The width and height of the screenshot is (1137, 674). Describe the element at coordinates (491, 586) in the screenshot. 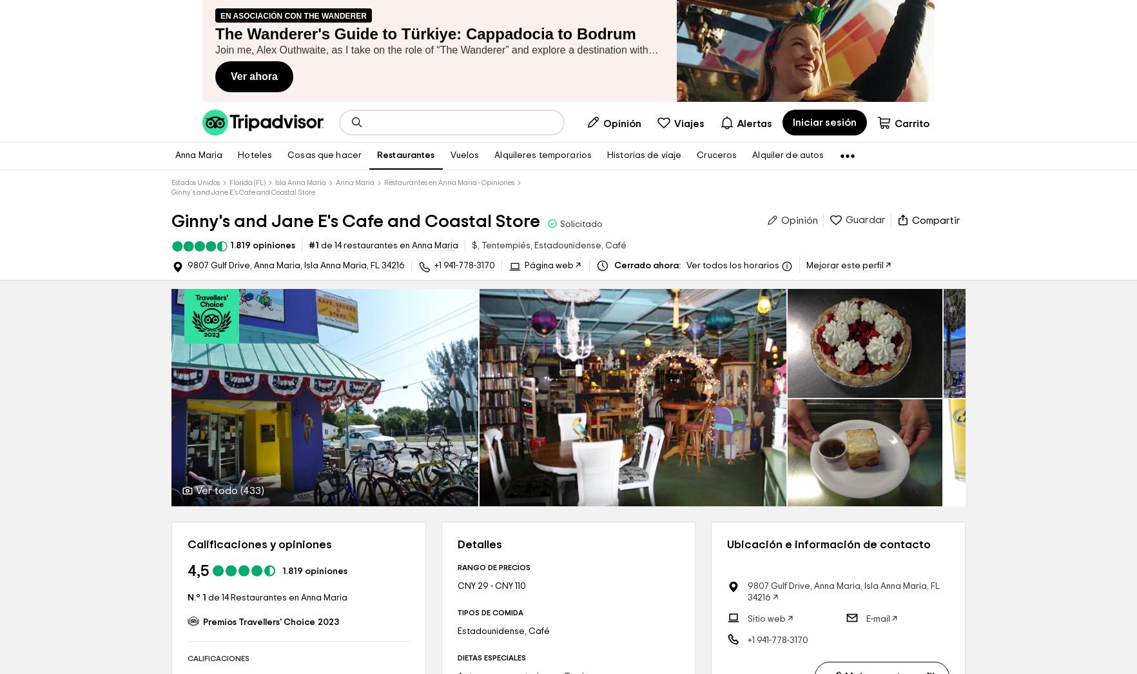

I see `'CNY 29 - CNY 110'` at that location.